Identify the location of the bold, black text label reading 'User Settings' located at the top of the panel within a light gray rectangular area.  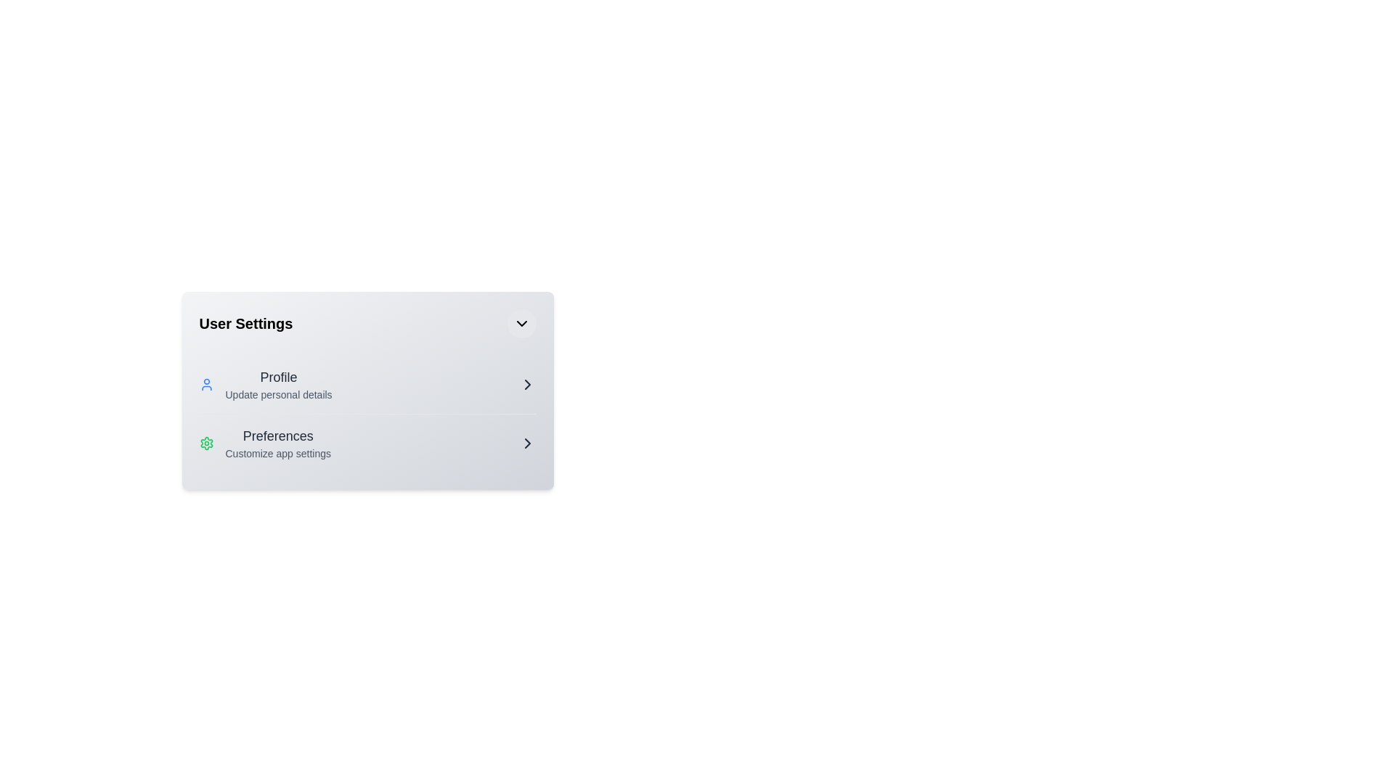
(245, 323).